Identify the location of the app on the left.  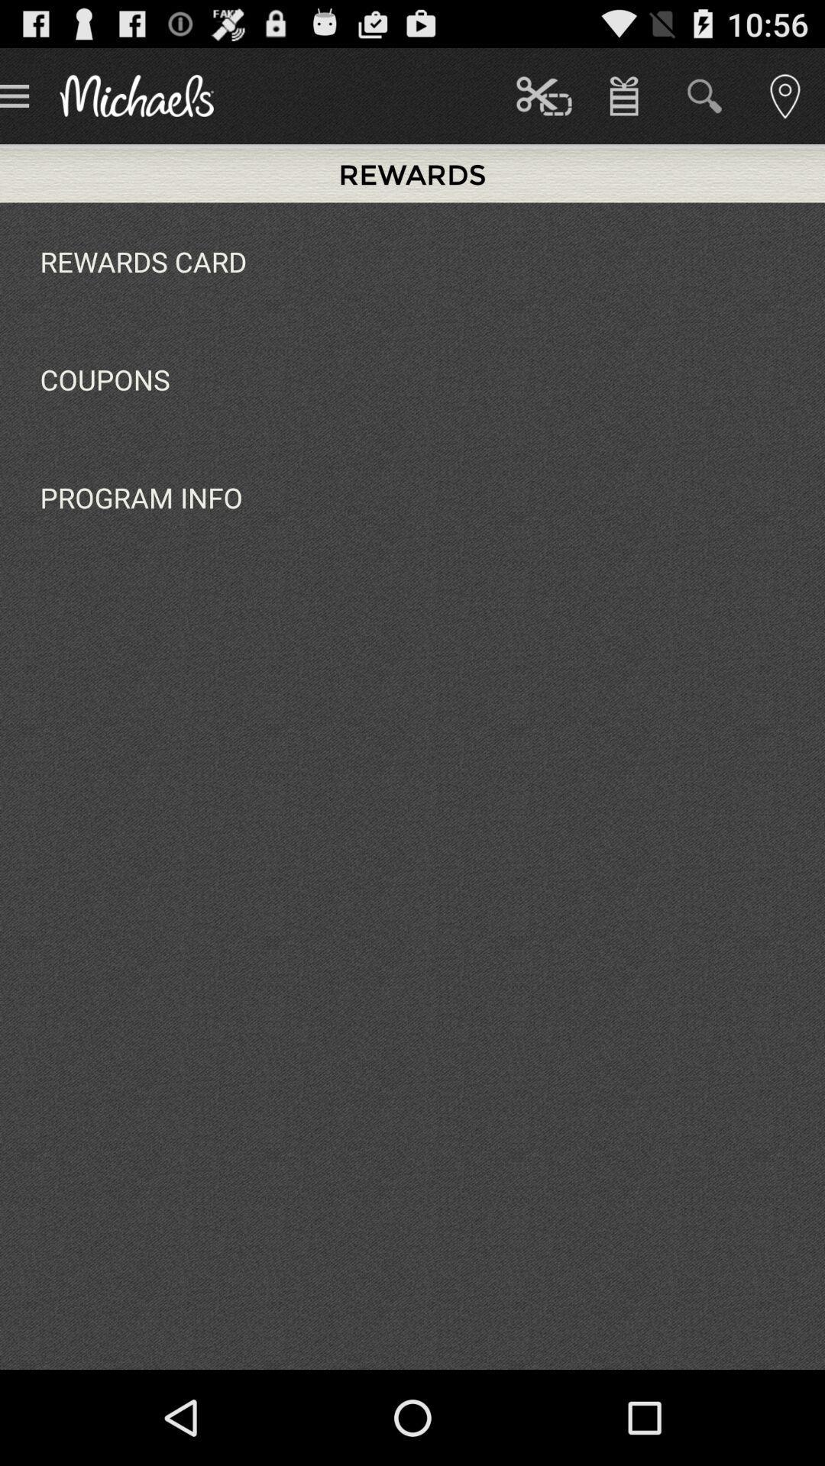
(141, 497).